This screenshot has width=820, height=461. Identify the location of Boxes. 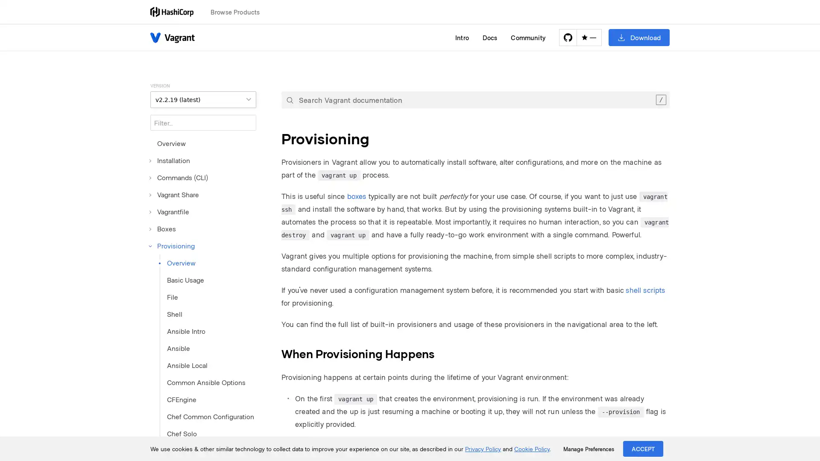
(163, 228).